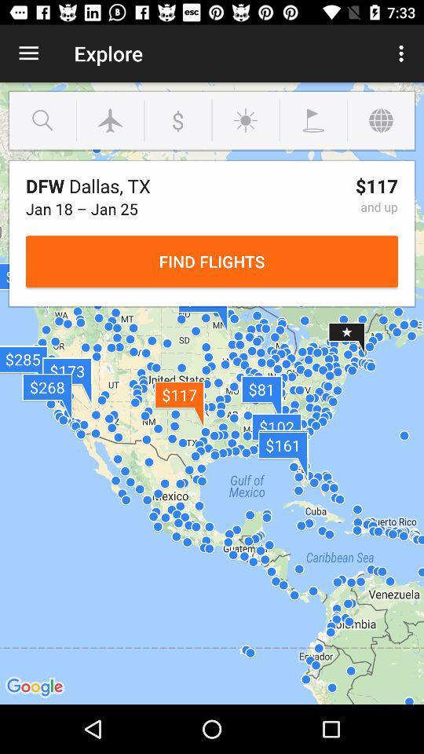  Describe the element at coordinates (403, 53) in the screenshot. I see `the icon next to the explore icon` at that location.